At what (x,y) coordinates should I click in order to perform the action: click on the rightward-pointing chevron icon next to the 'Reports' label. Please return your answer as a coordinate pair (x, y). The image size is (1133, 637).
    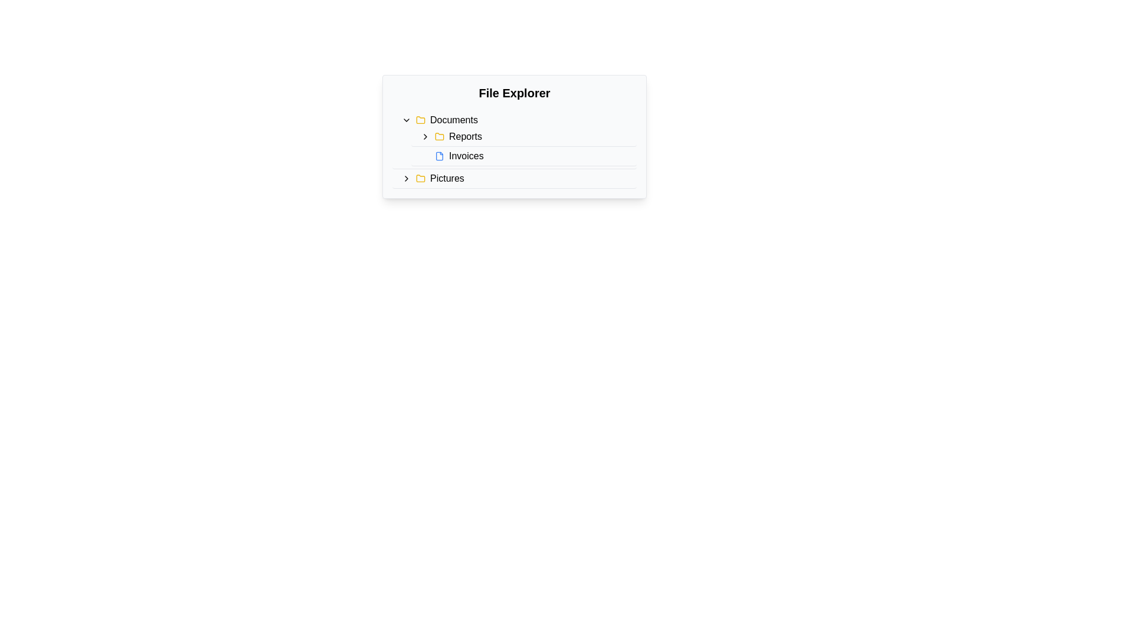
    Looking at the image, I should click on (425, 136).